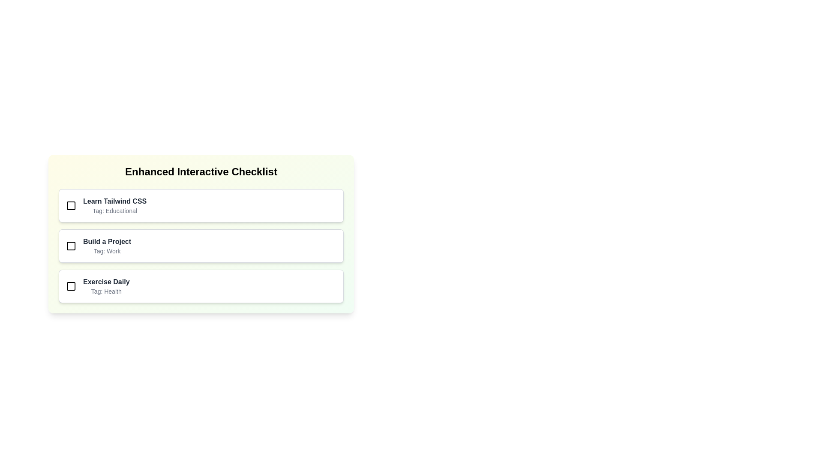  I want to click on the graphical checkbox marker located at the center of the second checkbox option in the 'Enhanced Interactive Checklist', so click(71, 246).